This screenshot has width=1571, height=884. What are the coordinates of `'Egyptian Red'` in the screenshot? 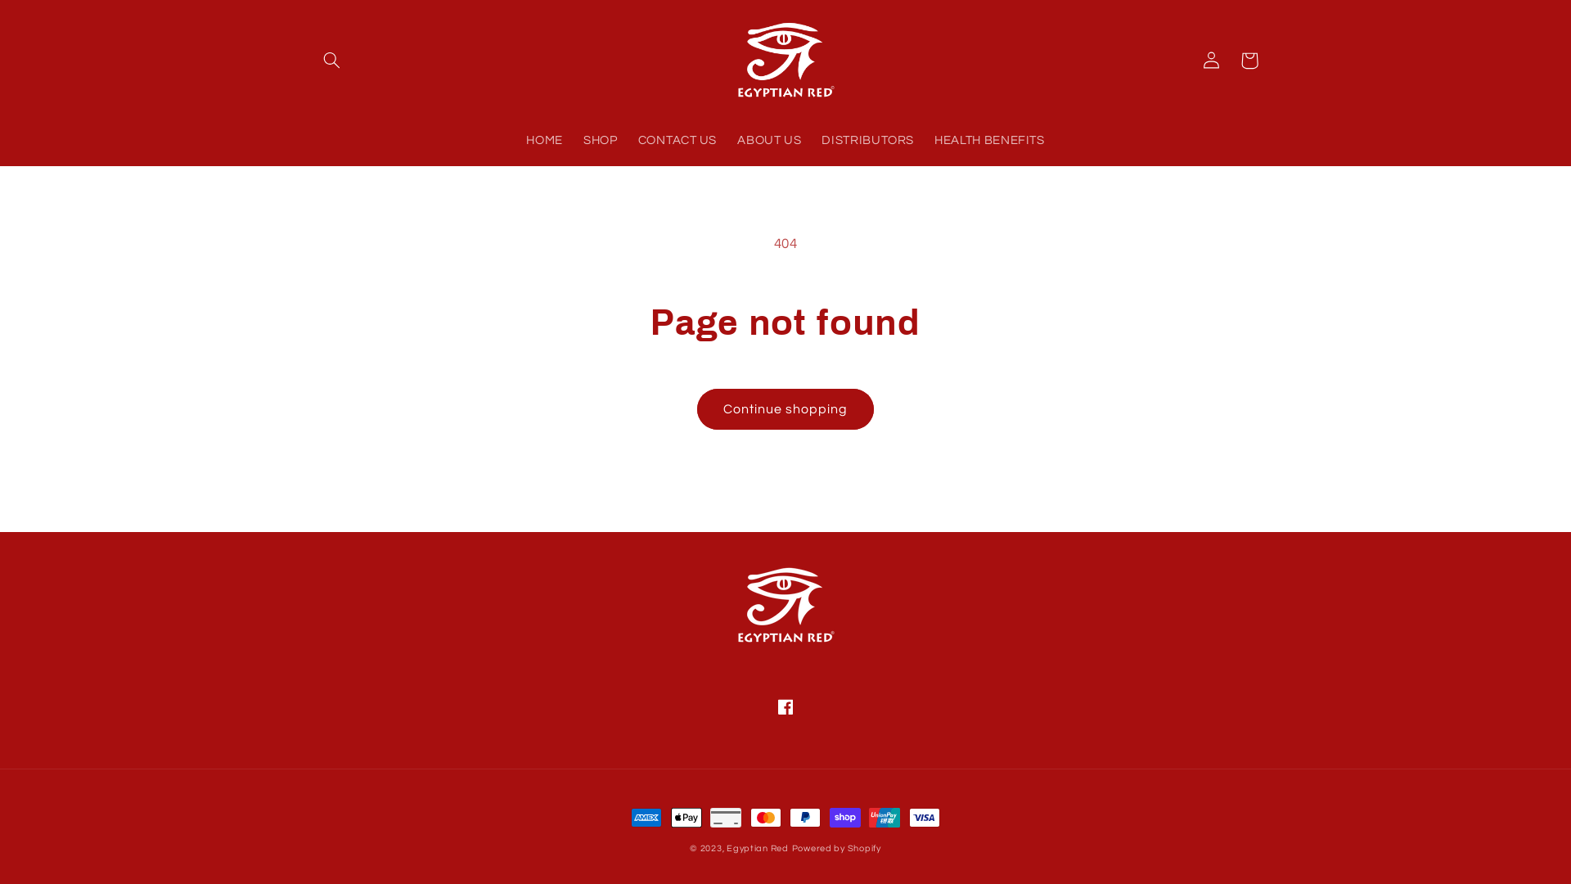 It's located at (726, 847).